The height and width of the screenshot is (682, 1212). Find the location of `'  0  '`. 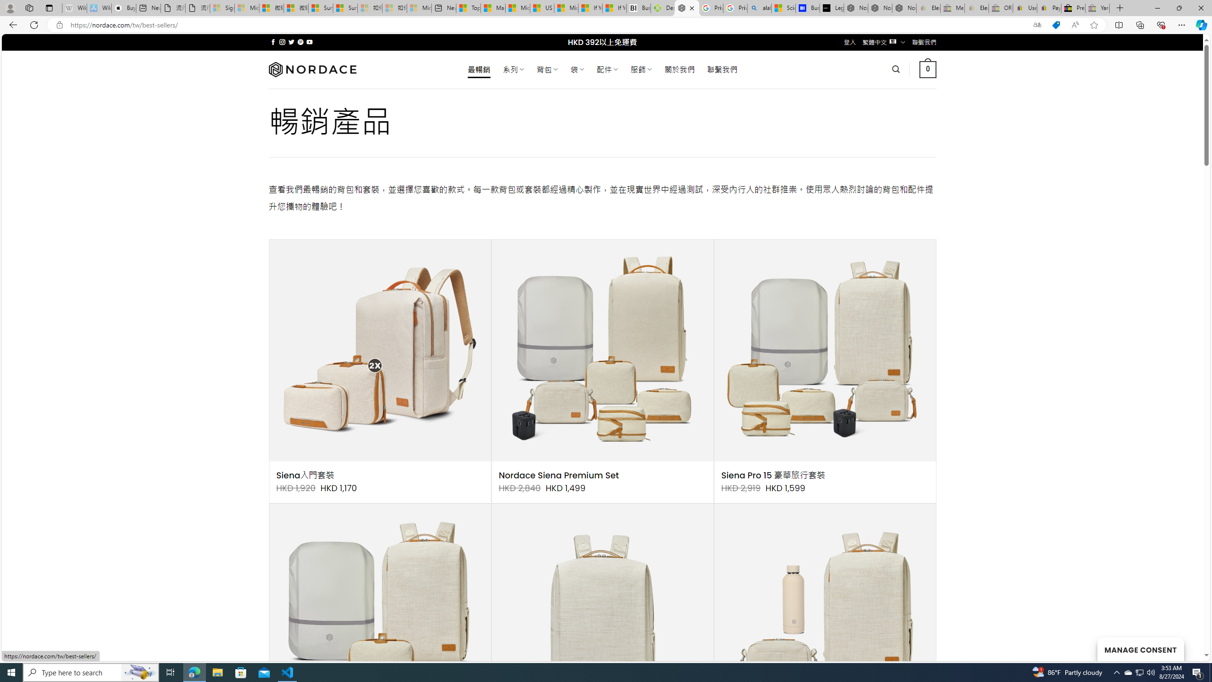

'  0  ' is located at coordinates (928, 69).